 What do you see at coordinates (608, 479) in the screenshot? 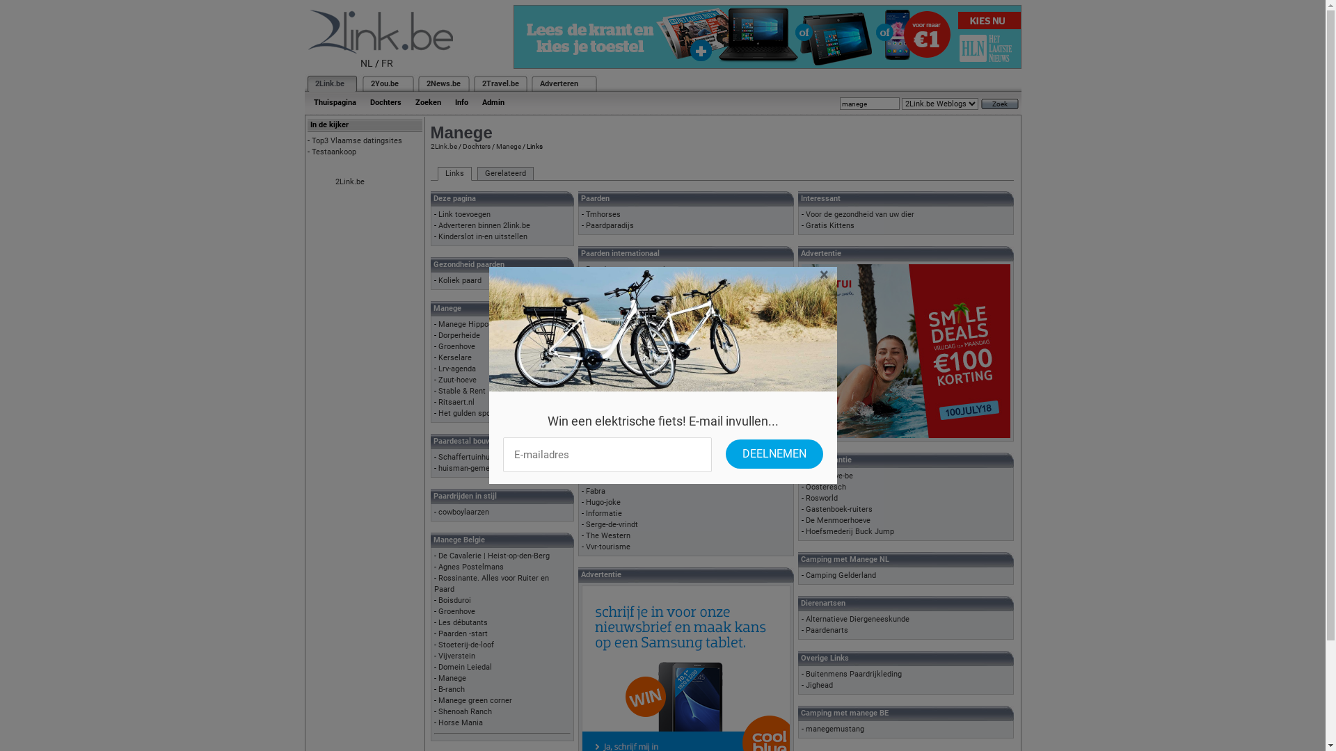
I see `'Aachenbreed'` at bounding box center [608, 479].